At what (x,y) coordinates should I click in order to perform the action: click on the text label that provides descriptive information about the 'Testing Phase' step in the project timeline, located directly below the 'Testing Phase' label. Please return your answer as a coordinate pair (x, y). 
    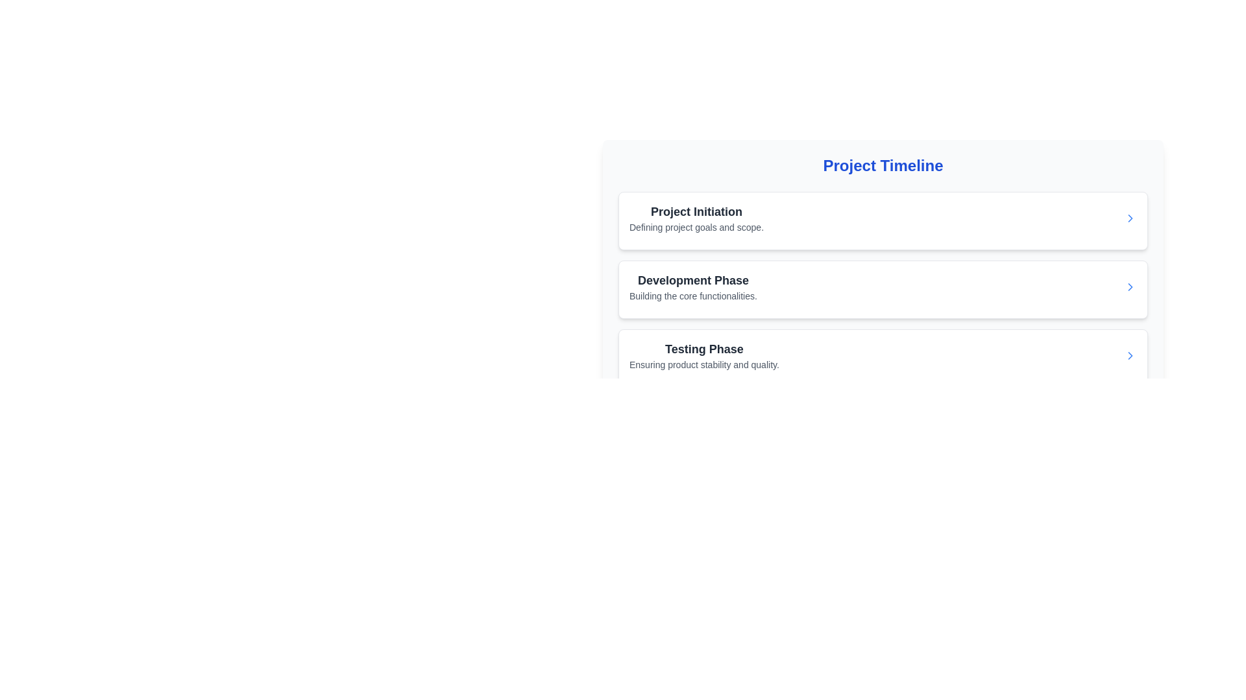
    Looking at the image, I should click on (703, 365).